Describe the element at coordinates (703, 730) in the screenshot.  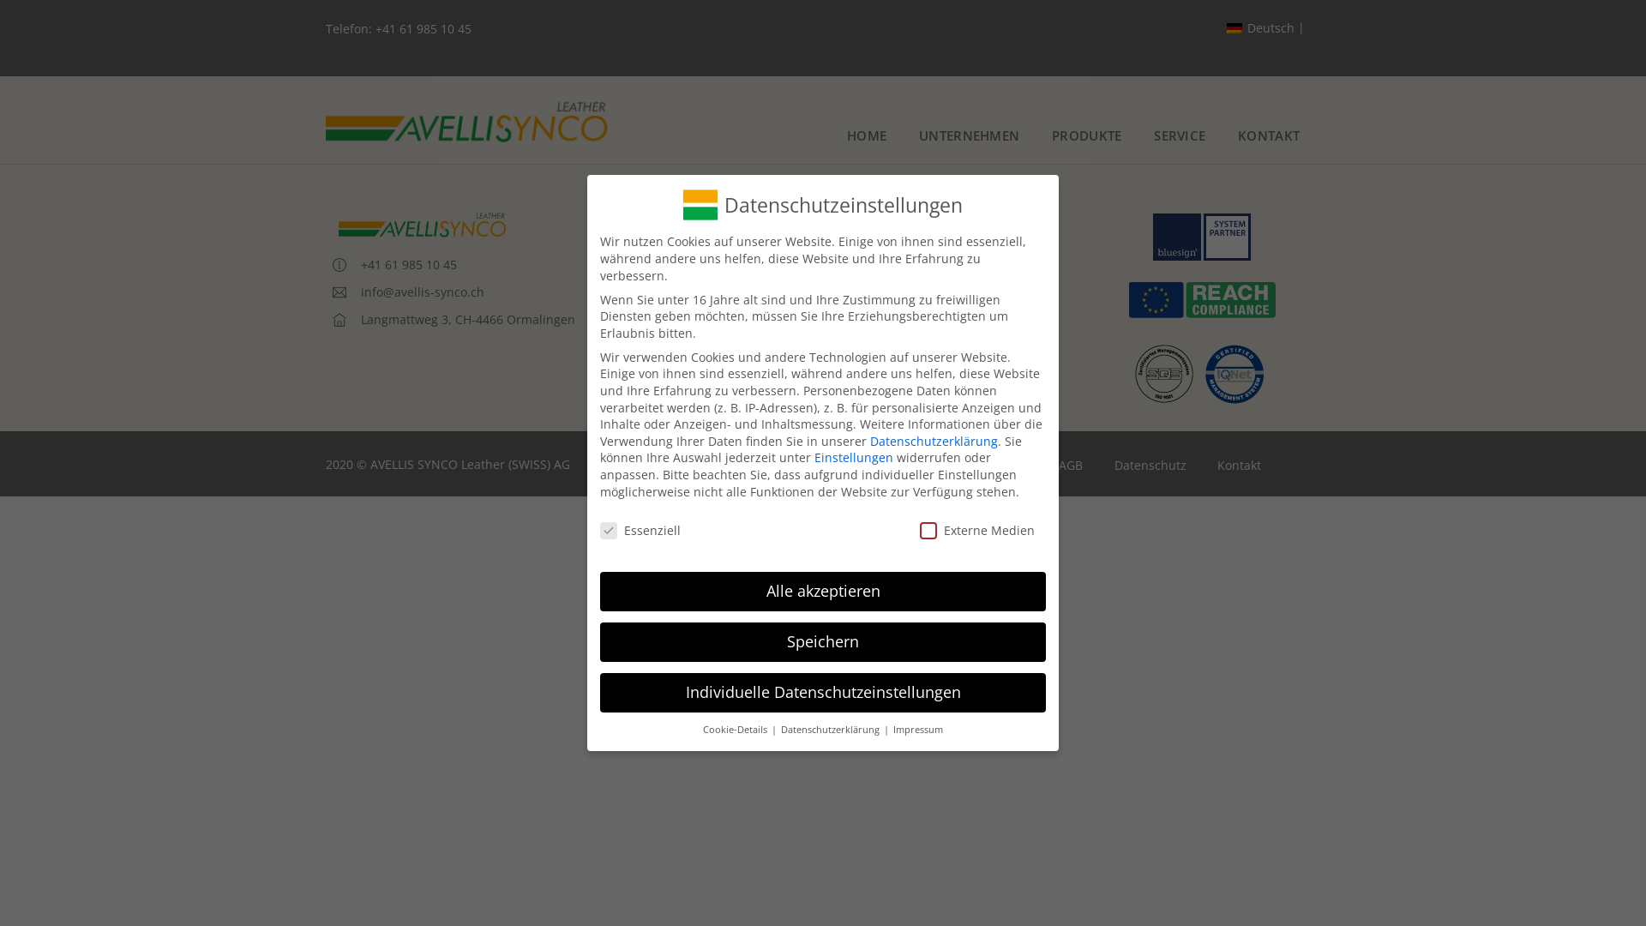
I see `'Cookie-Details'` at that location.